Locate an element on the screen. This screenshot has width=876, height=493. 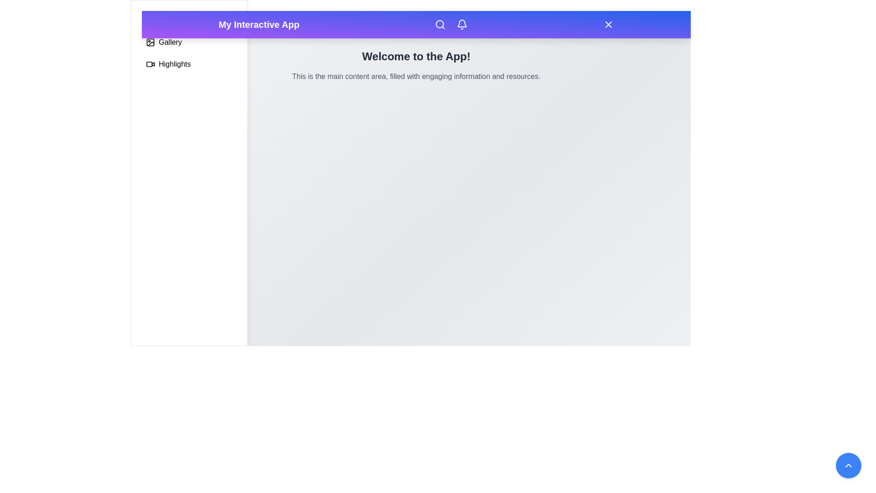
the 'Gallery' icon located in the left sidebar, which is the first menu item preceding the text 'Gallery' is located at coordinates (151, 42).